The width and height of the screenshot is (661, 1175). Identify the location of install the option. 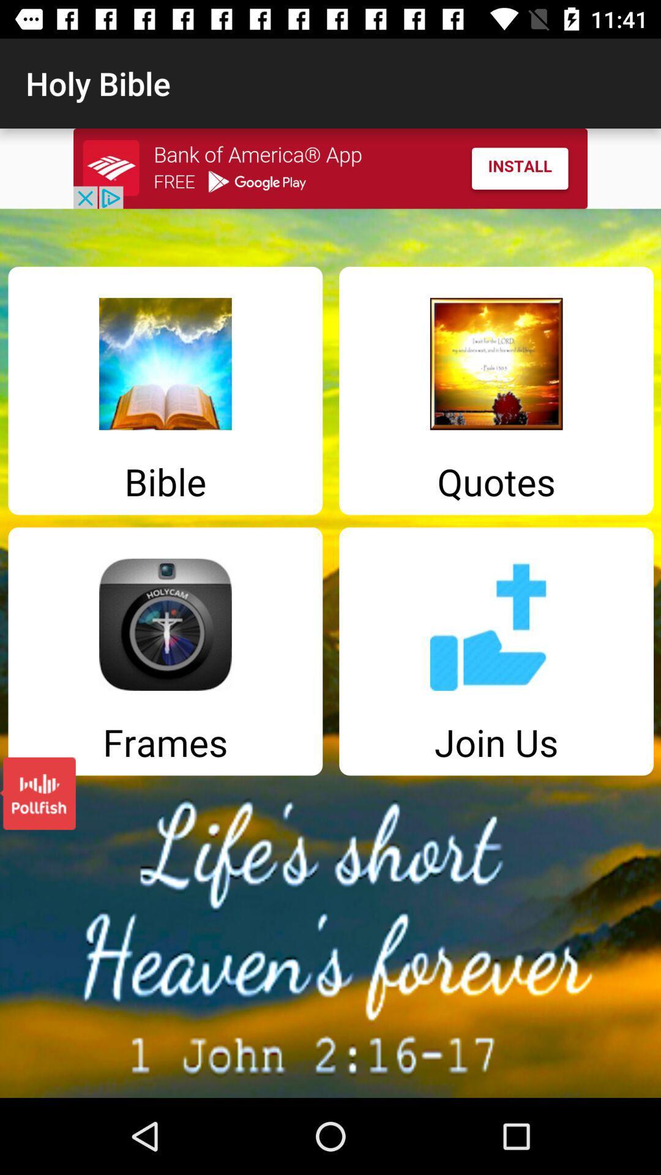
(330, 168).